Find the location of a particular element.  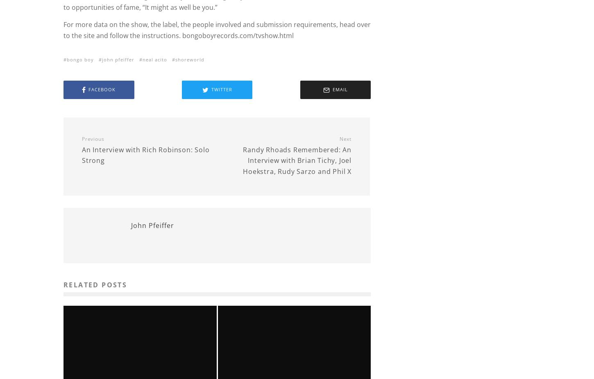

'Twitter' is located at coordinates (221, 89).